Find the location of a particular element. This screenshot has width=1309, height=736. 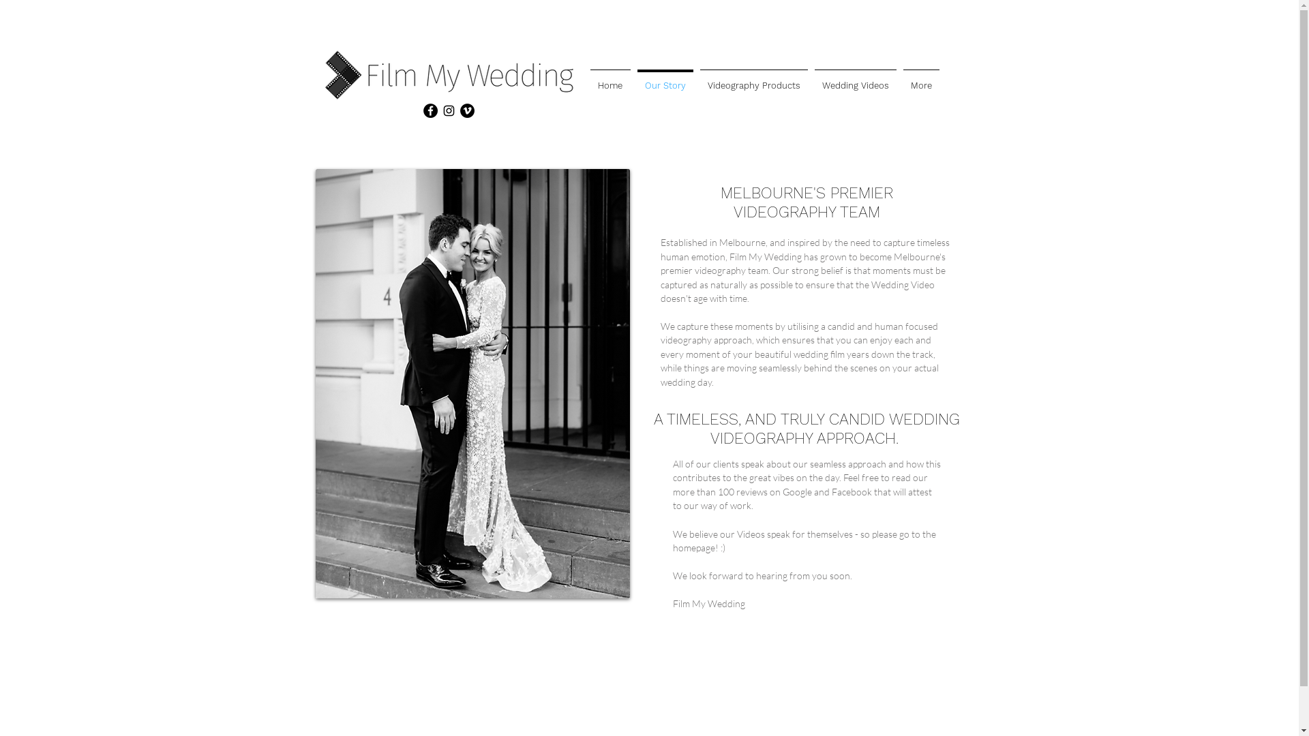

'Videography Products' is located at coordinates (753, 79).